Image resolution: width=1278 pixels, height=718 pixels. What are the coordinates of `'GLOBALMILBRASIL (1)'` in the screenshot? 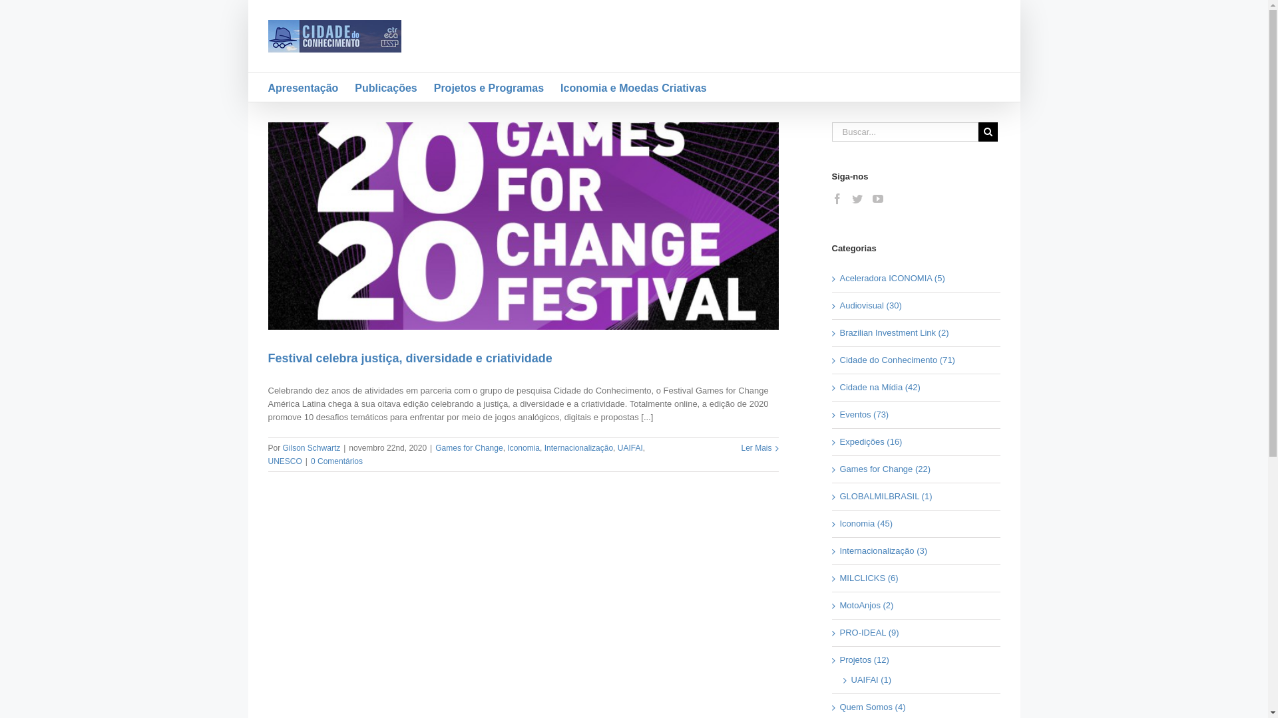 It's located at (916, 497).